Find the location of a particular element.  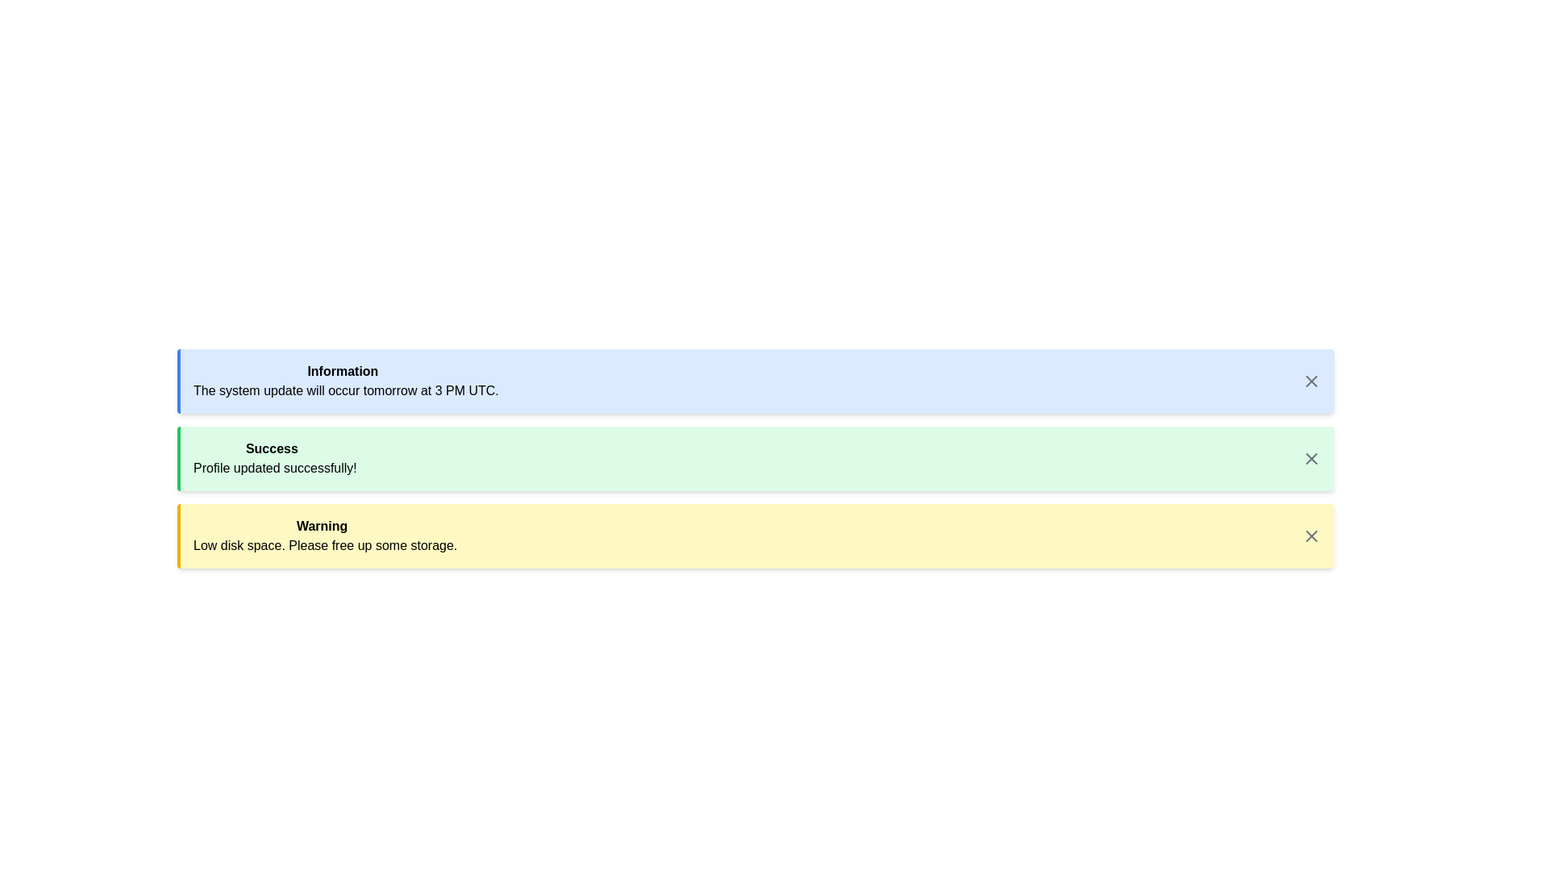

the close button icon located in the center of the green notification bar is located at coordinates (1312, 459).